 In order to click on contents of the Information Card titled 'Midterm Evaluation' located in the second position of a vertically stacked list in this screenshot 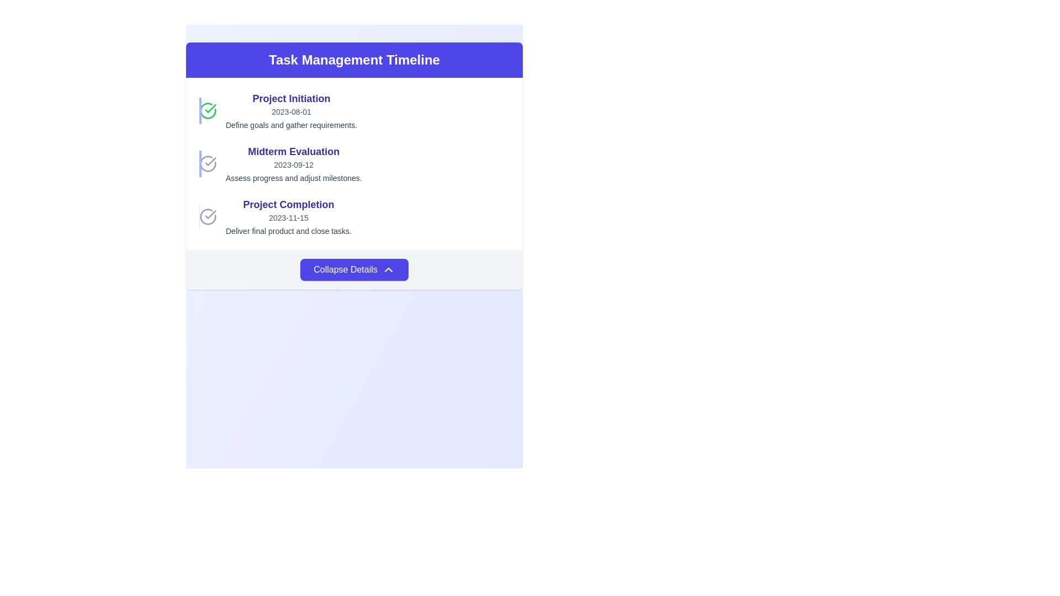, I will do `click(354, 164)`.